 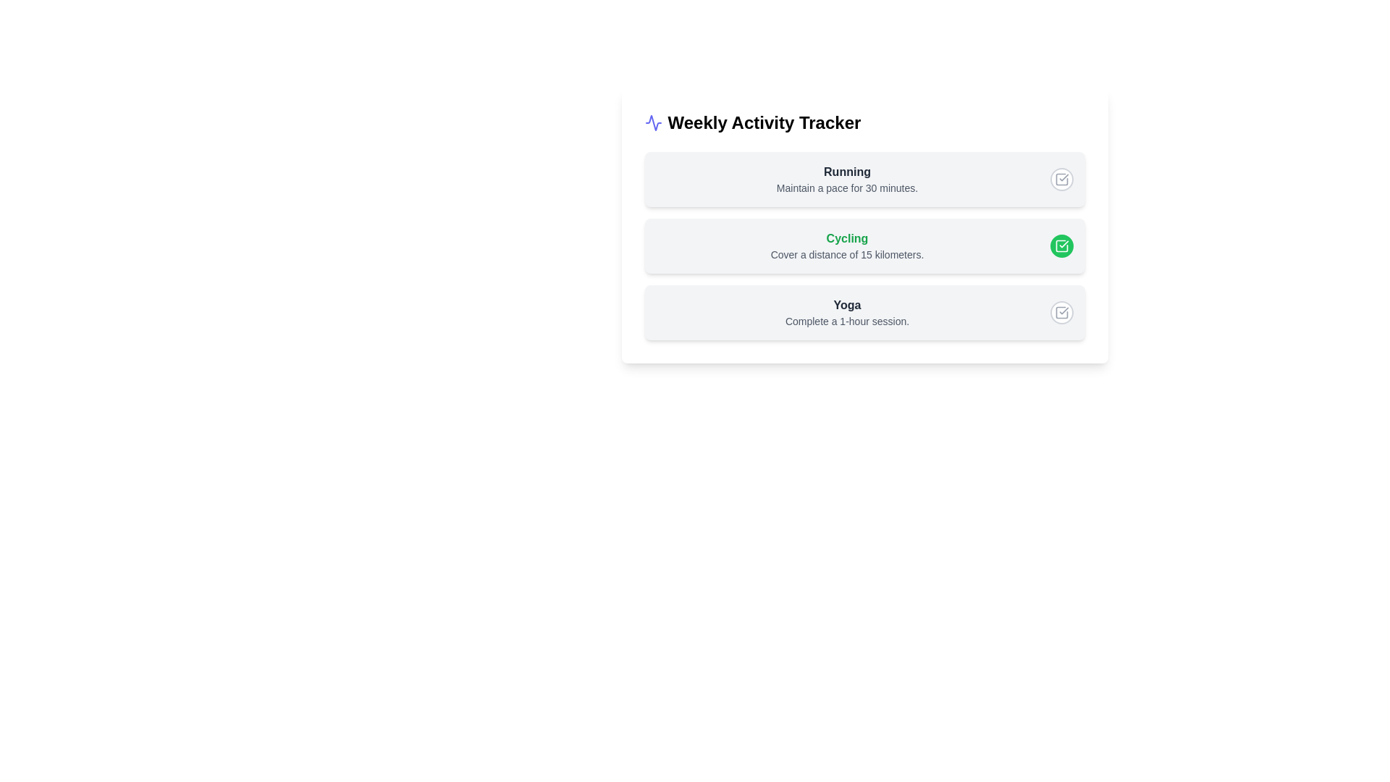 I want to click on the 'Running' activity box, which has a light gray background and includes a checkmark icon on the right side, to interact with its elements, so click(x=864, y=178).